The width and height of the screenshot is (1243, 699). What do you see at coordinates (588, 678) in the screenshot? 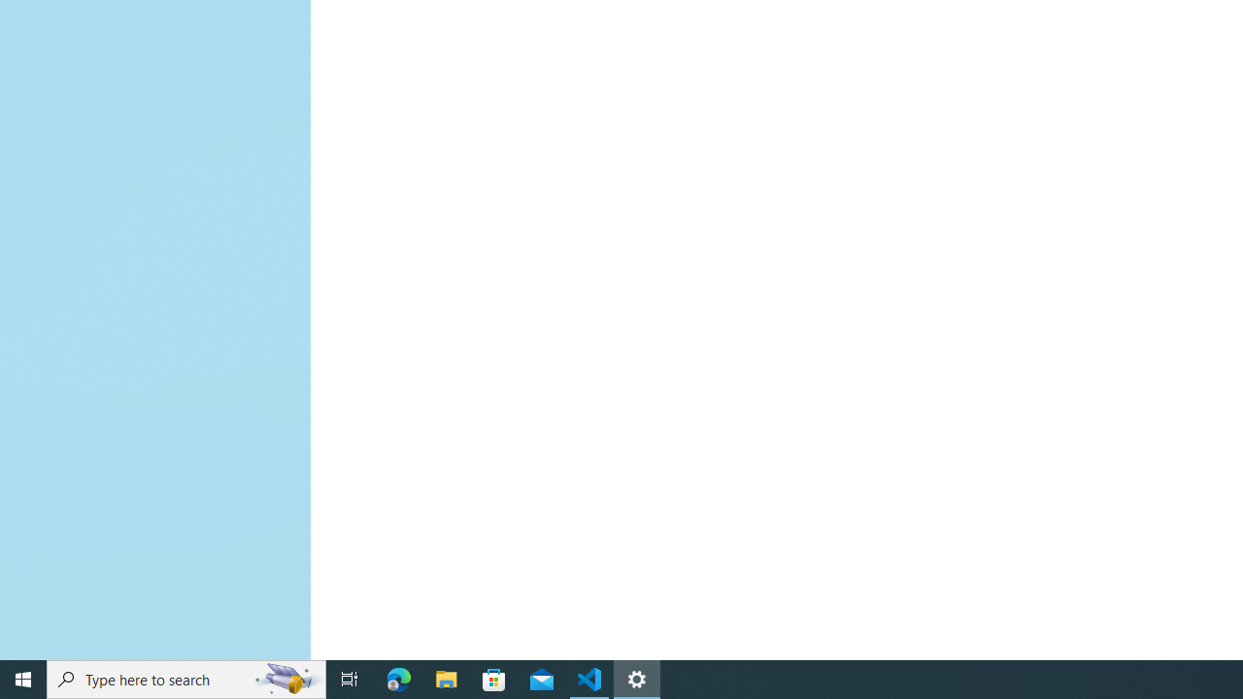
I see `'Visual Studio Code - 1 running window'` at bounding box center [588, 678].